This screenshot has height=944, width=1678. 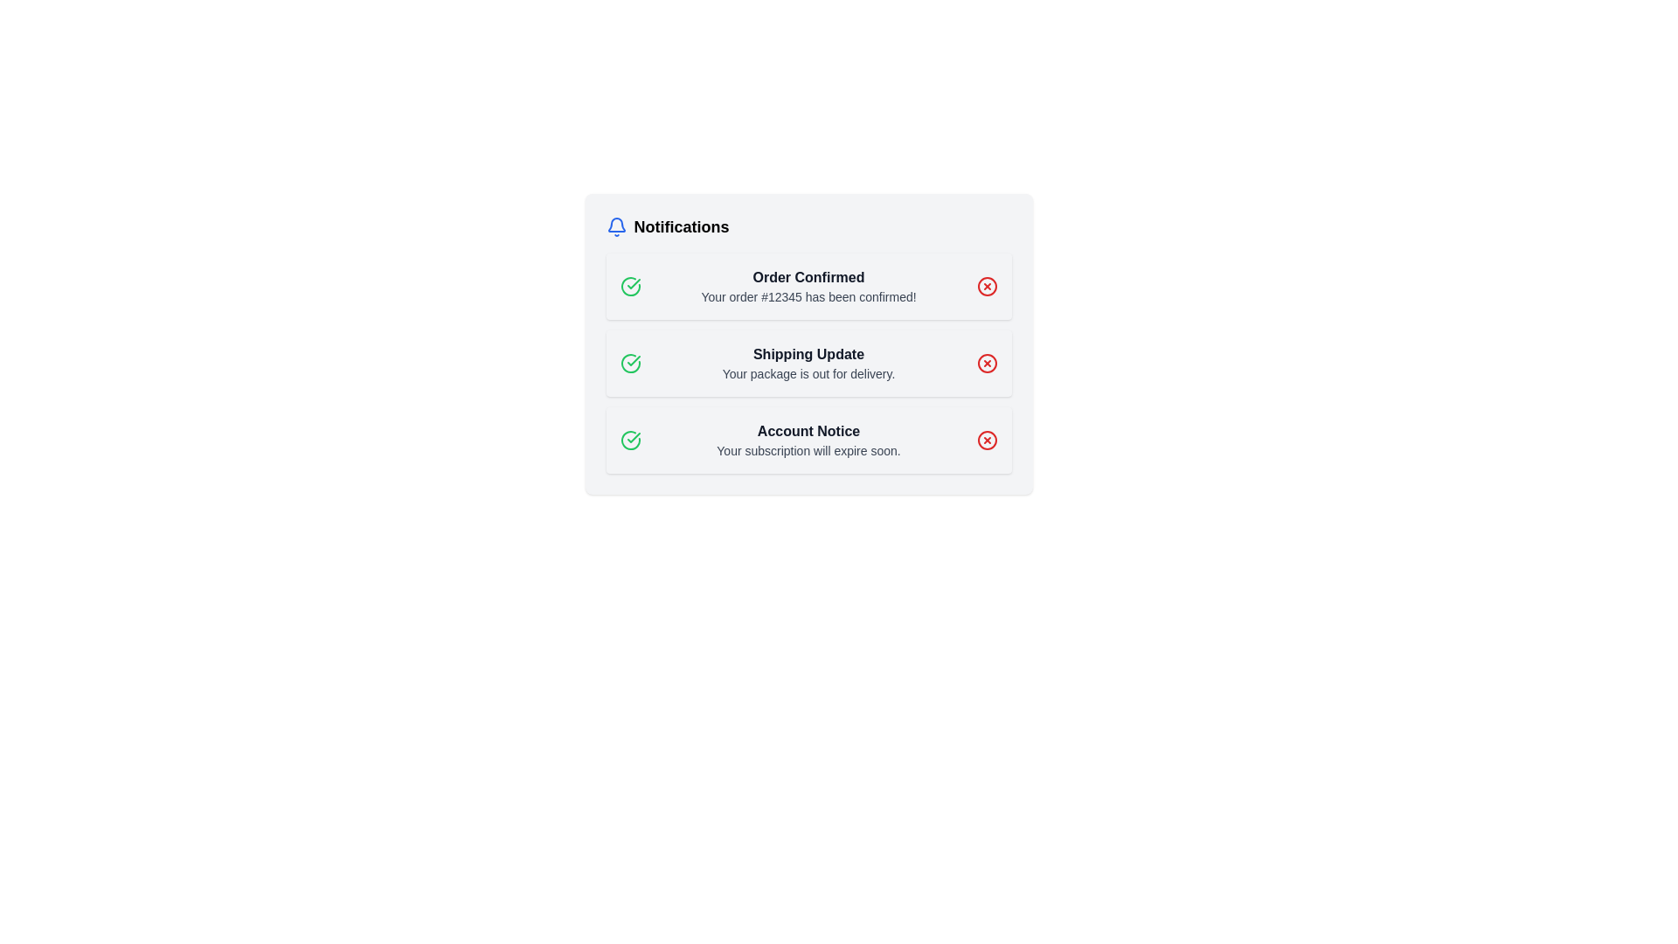 What do you see at coordinates (616, 224) in the screenshot?
I see `the decorative vector graphic that is part of the bell icon in the top-left area of the notification panel` at bounding box center [616, 224].